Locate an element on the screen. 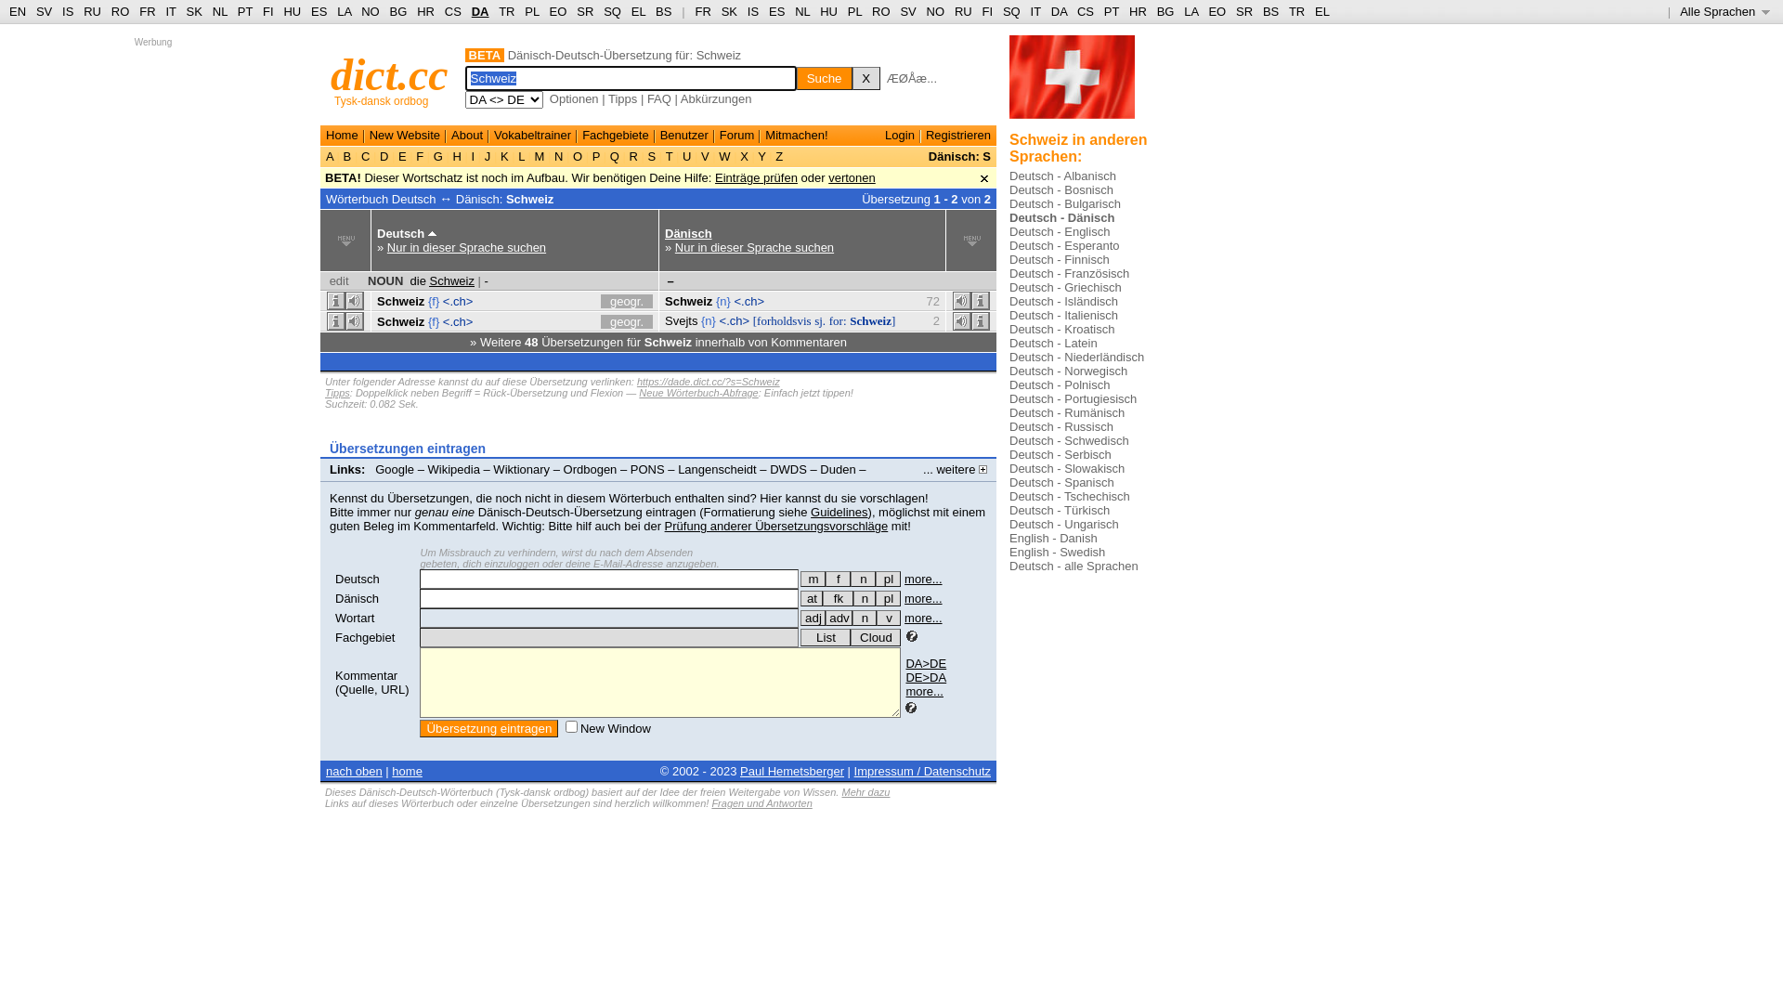  'V' is located at coordinates (703, 155).